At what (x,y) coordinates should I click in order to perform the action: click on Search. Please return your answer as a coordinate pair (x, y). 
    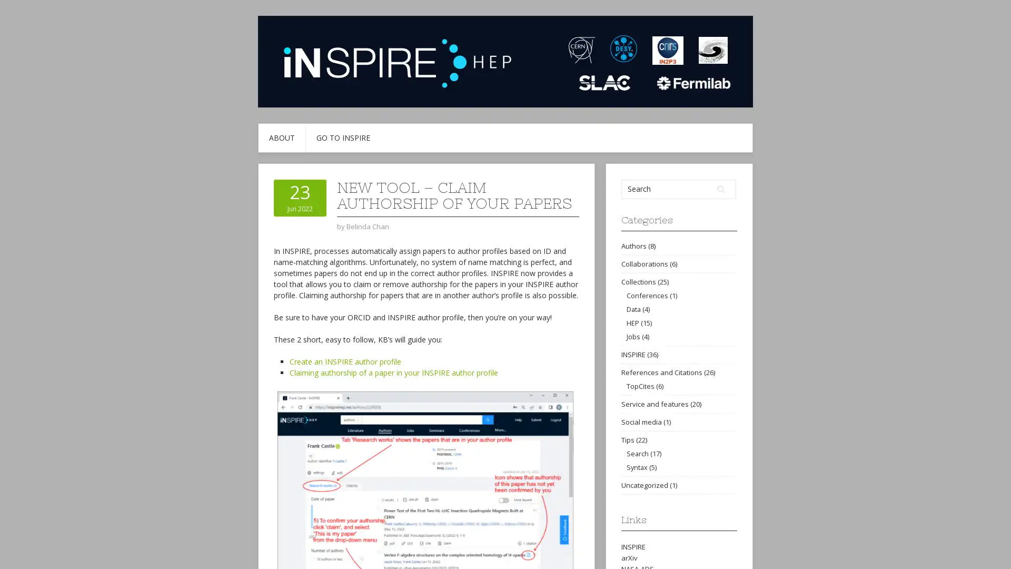
    Looking at the image, I should click on (720, 189).